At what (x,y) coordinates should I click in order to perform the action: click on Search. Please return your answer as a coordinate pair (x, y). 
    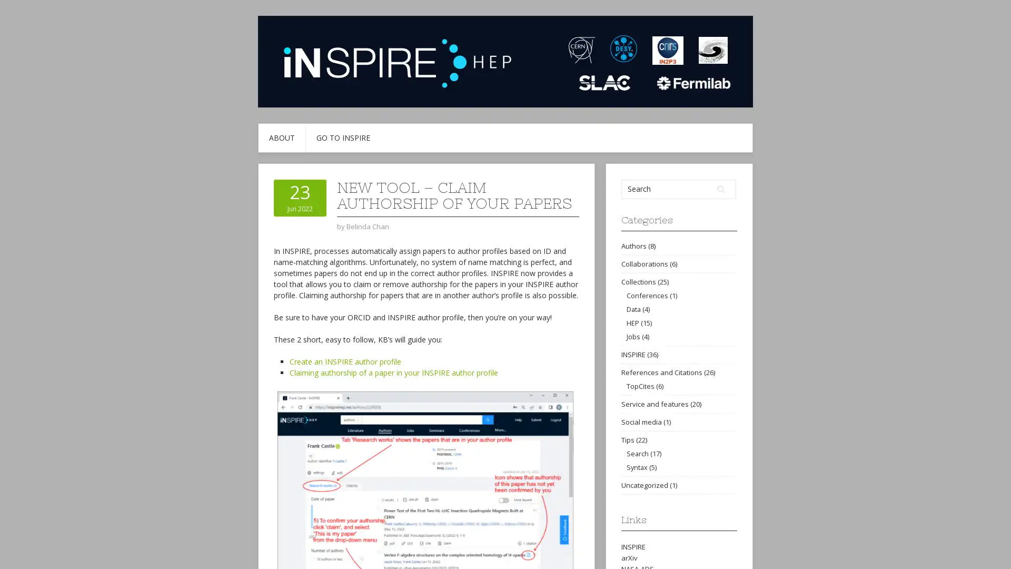
    Looking at the image, I should click on (720, 189).